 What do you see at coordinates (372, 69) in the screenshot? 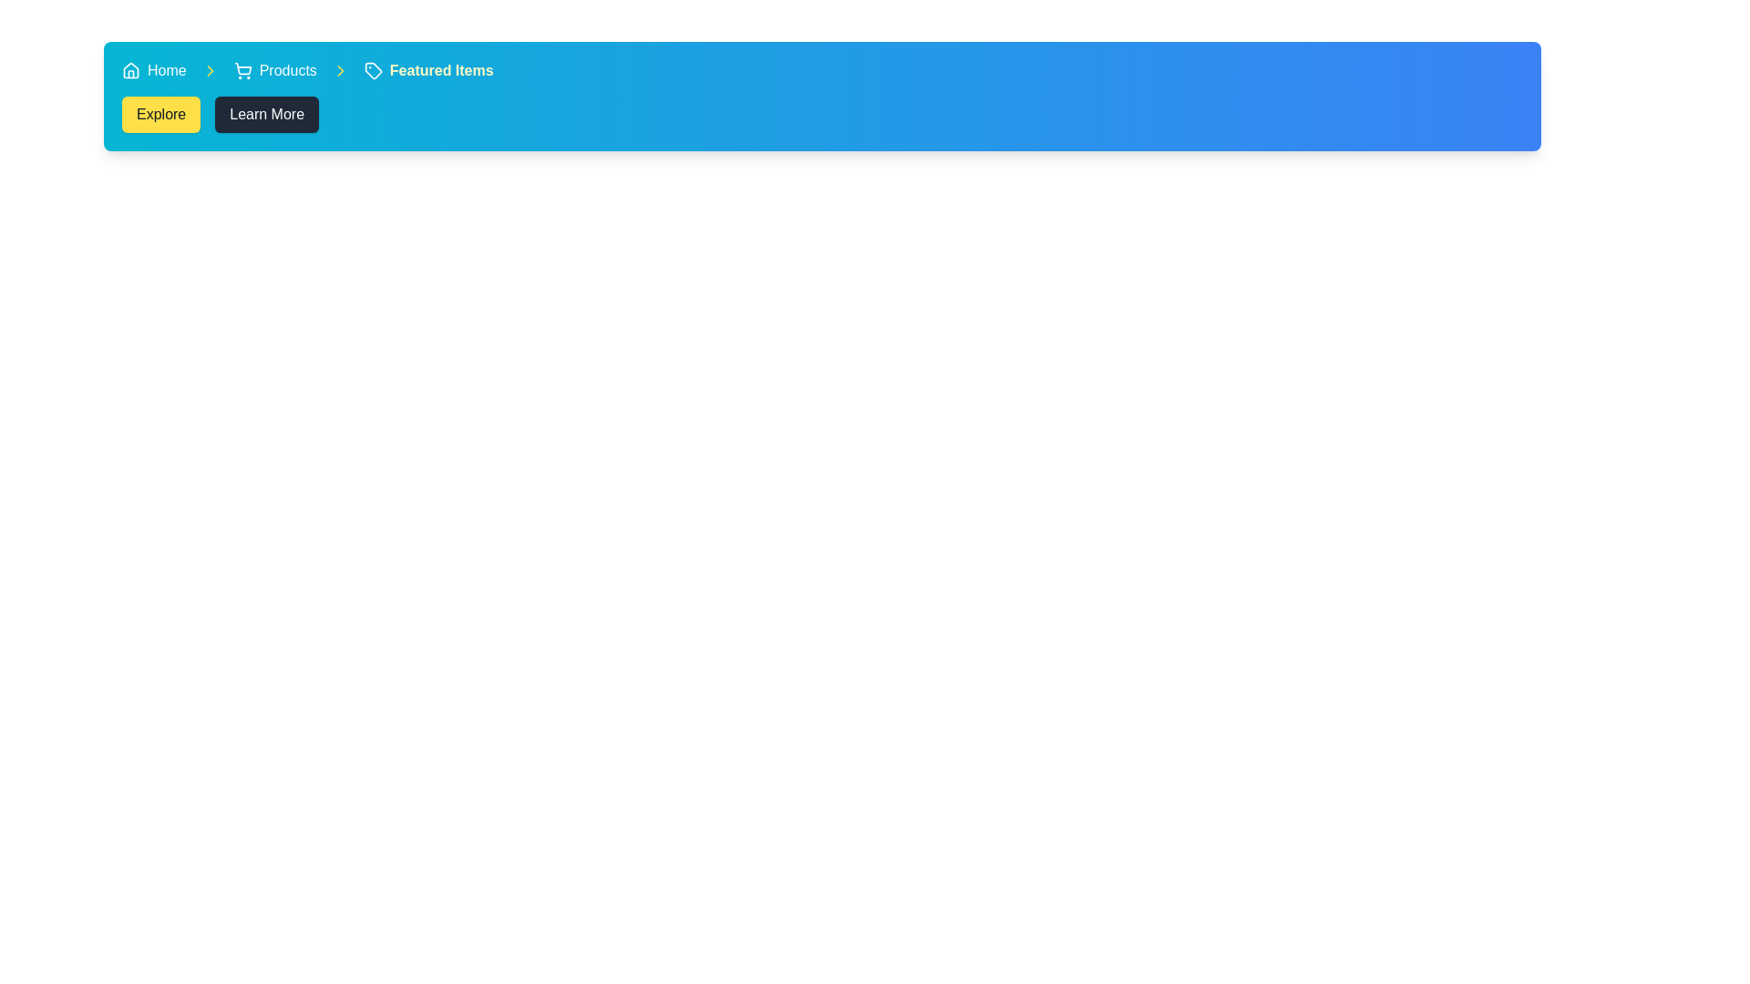
I see `the icon representing the 'Featured Items' section in the navigation breadcrumb bar, located before the text 'Featured Items'` at bounding box center [372, 69].